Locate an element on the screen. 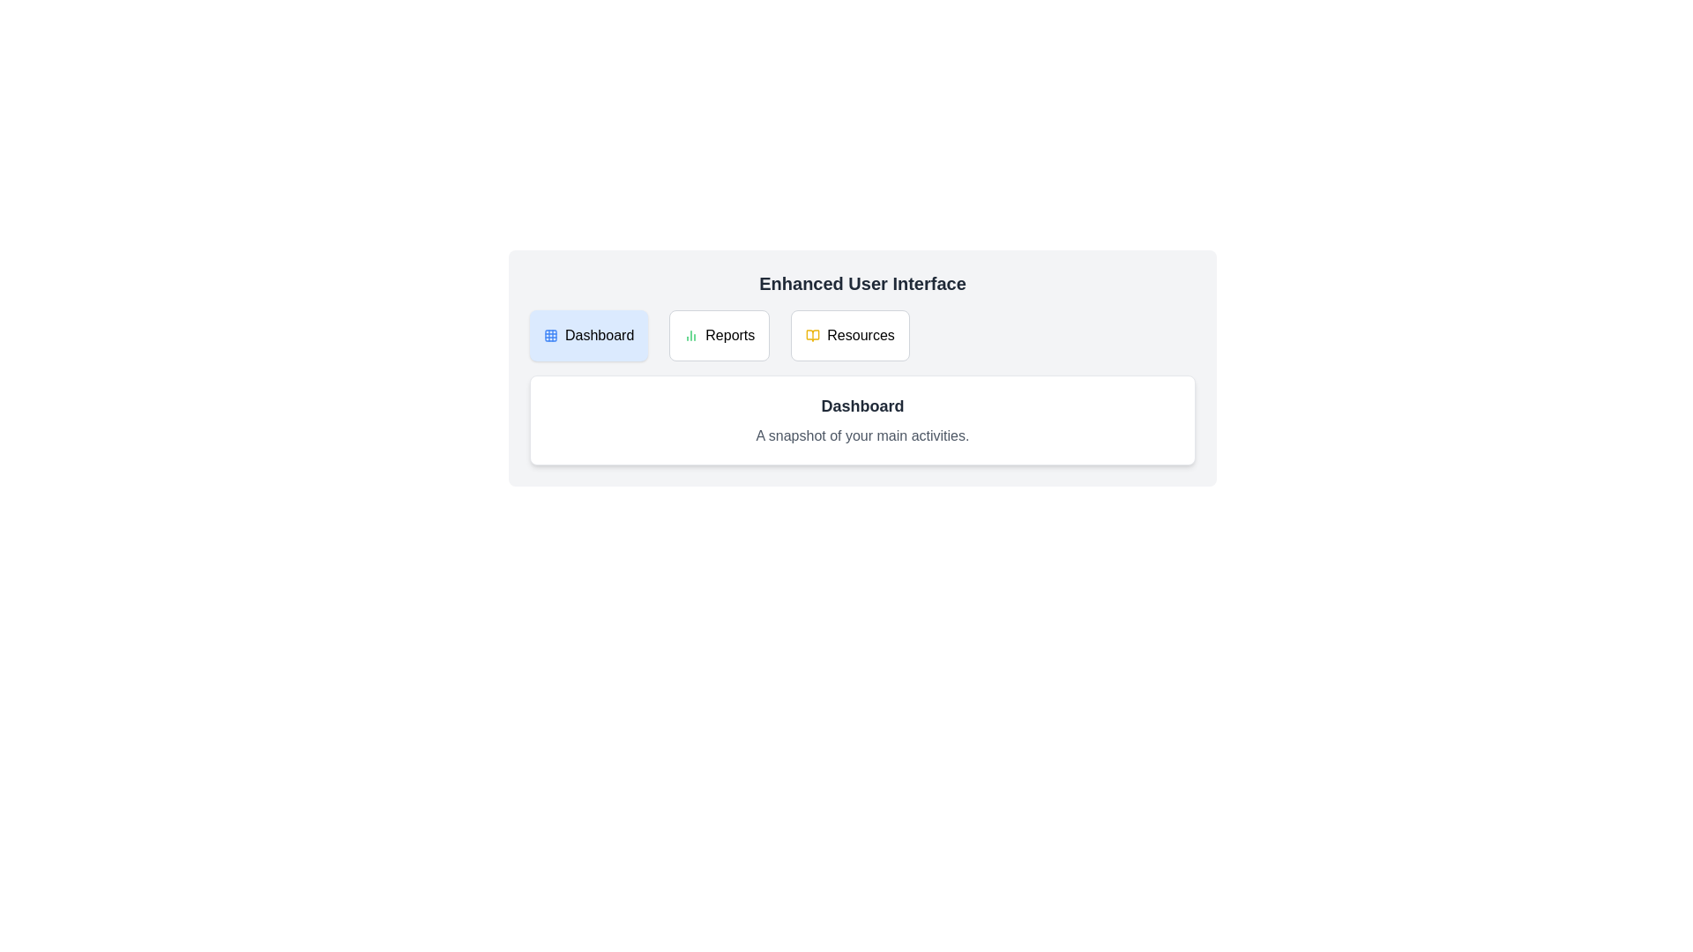 Image resolution: width=1693 pixels, height=952 pixels. the tab labeled Resources is located at coordinates (850, 336).